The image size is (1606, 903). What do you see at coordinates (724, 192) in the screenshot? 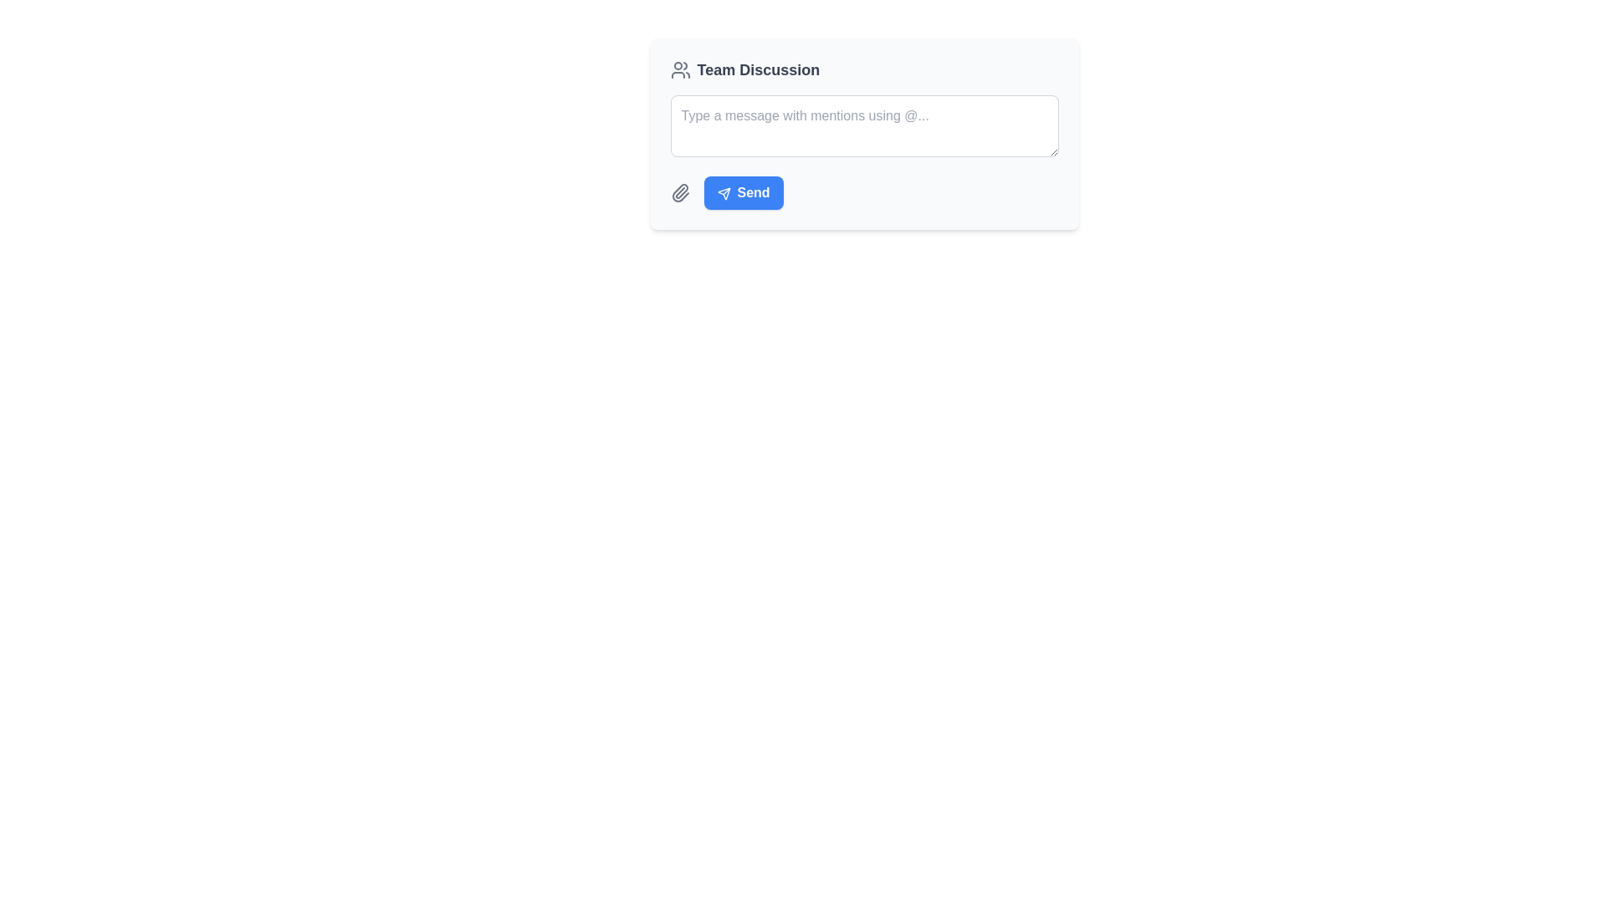
I see `the 'Send' button icon, which is a vector icon representing a sending action, styled with rounded lines and positioned to the left of the text 'Send'` at bounding box center [724, 192].